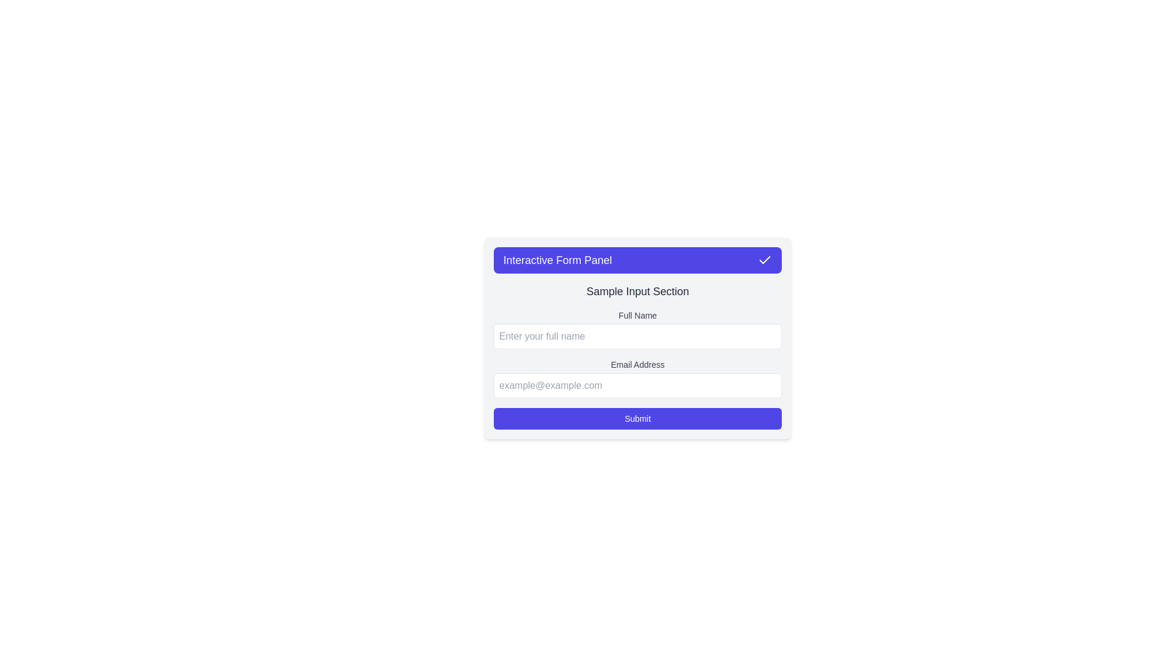 The height and width of the screenshot is (648, 1152). I want to click on the 'Submit' button with a purple background and white bold text at the bottom of the 'Sample Input Section' form, so click(637, 418).